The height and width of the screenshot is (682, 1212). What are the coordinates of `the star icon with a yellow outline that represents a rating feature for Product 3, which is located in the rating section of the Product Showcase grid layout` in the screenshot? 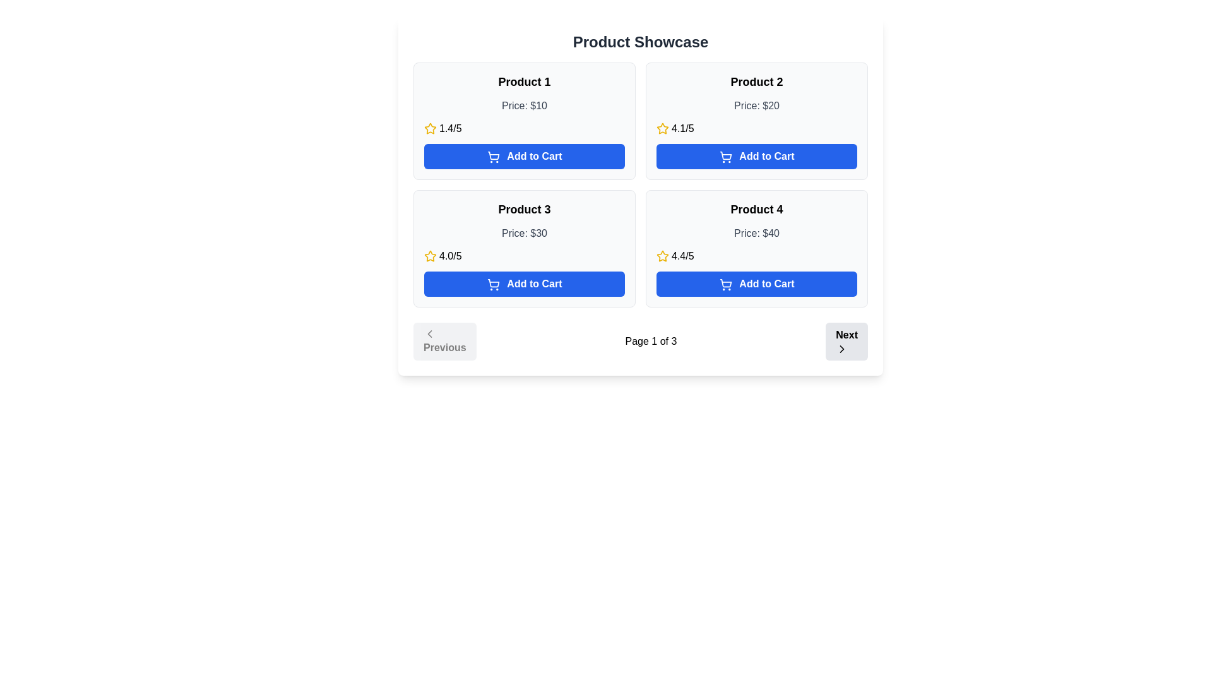 It's located at (430, 256).